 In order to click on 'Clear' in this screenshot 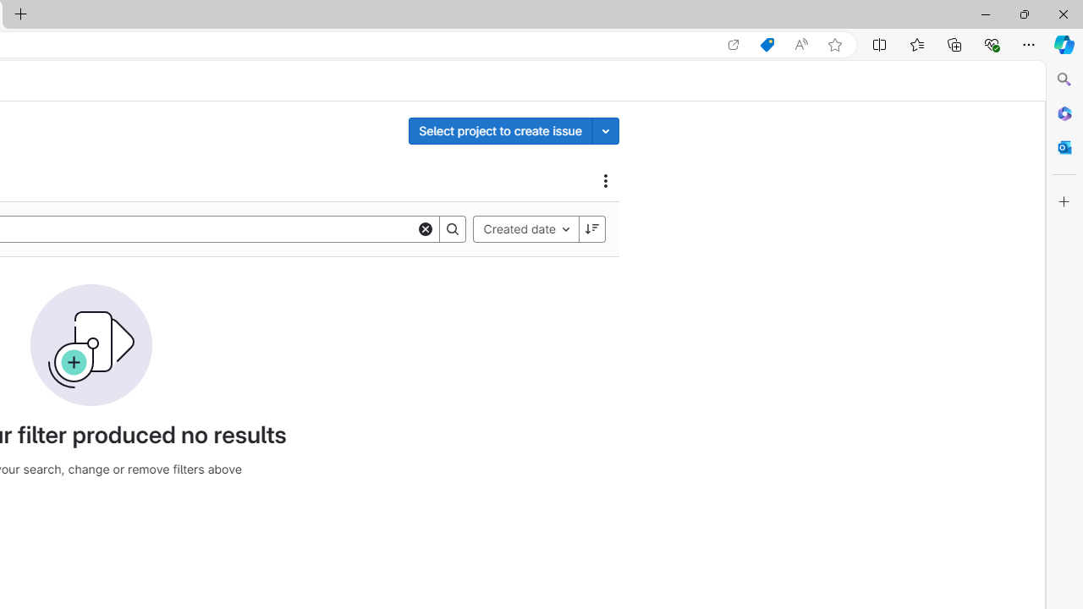, I will do `click(426, 228)`.